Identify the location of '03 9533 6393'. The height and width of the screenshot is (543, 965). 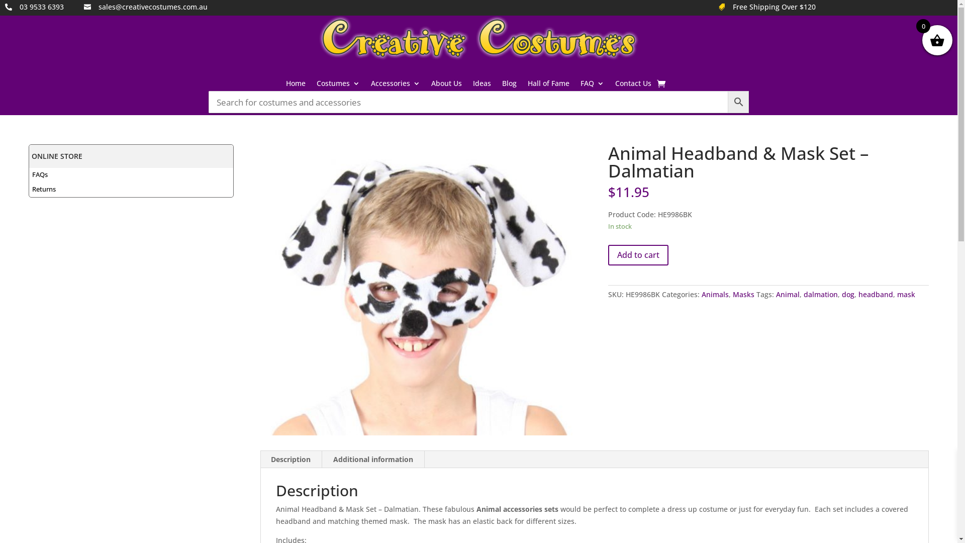
(41, 7).